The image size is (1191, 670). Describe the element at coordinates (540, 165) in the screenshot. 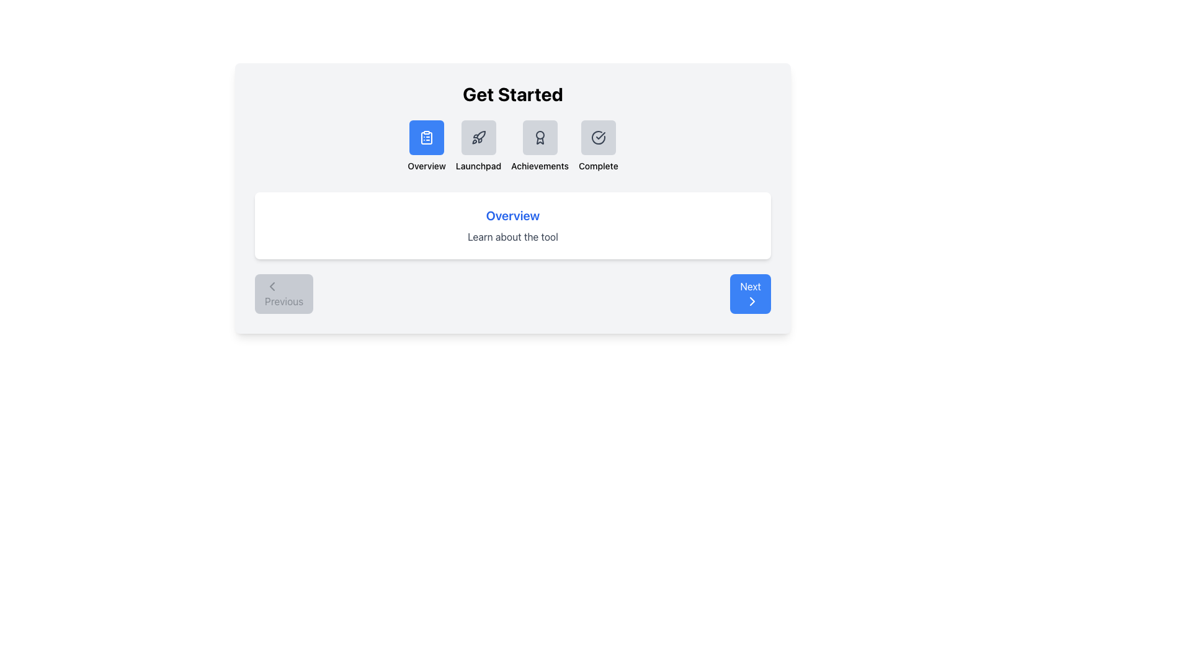

I see `the 'Achievements' text label located below the badge-like icon in the top center of the interface, which is the third item from the left in a group of four` at that location.